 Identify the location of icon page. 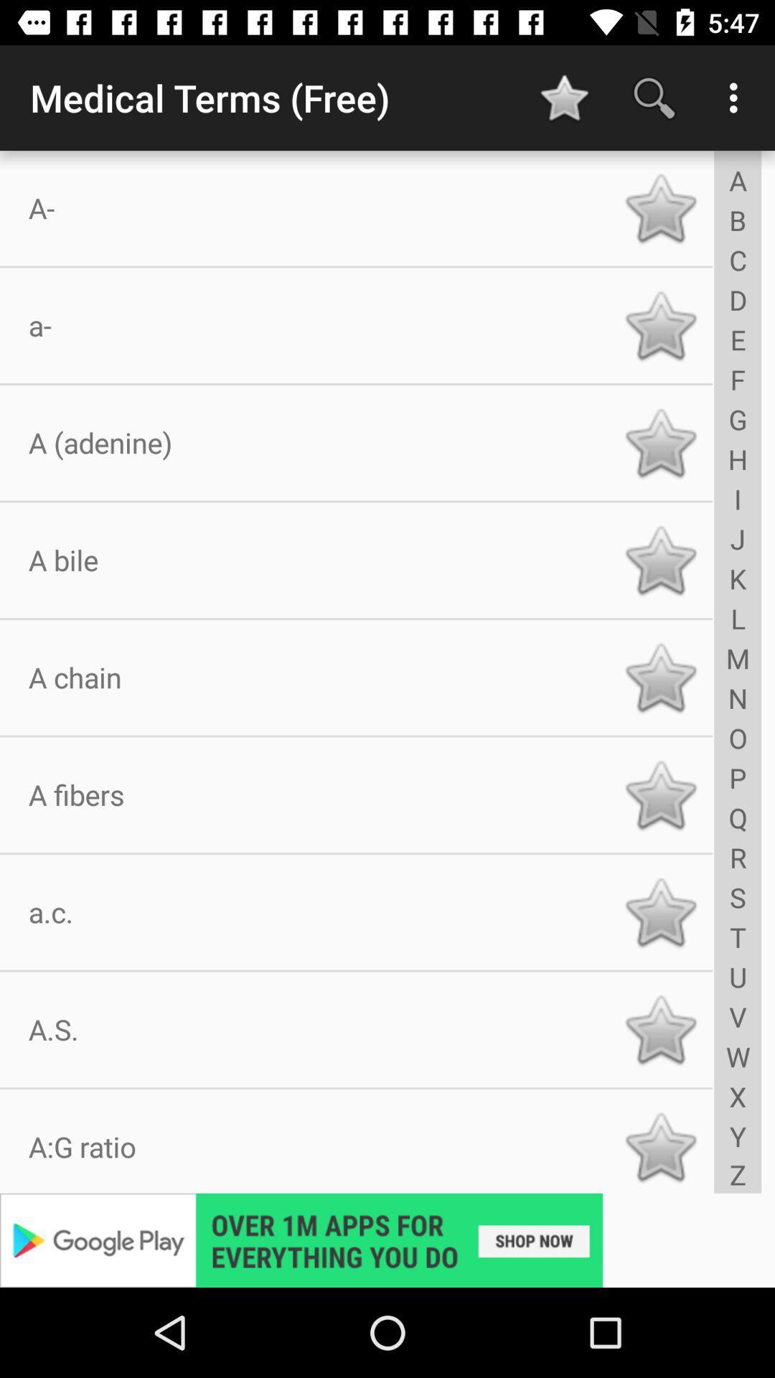
(660, 1028).